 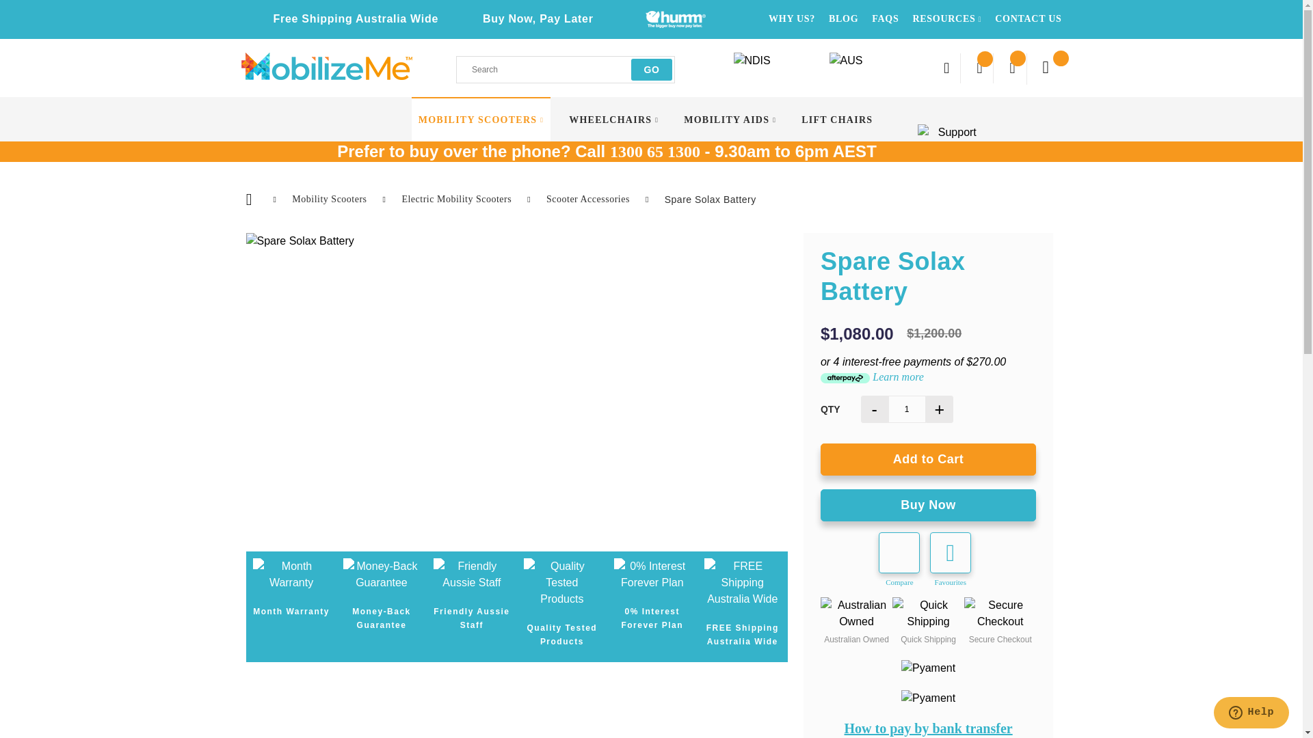 I want to click on 'Australian Owned', so click(x=821, y=613).